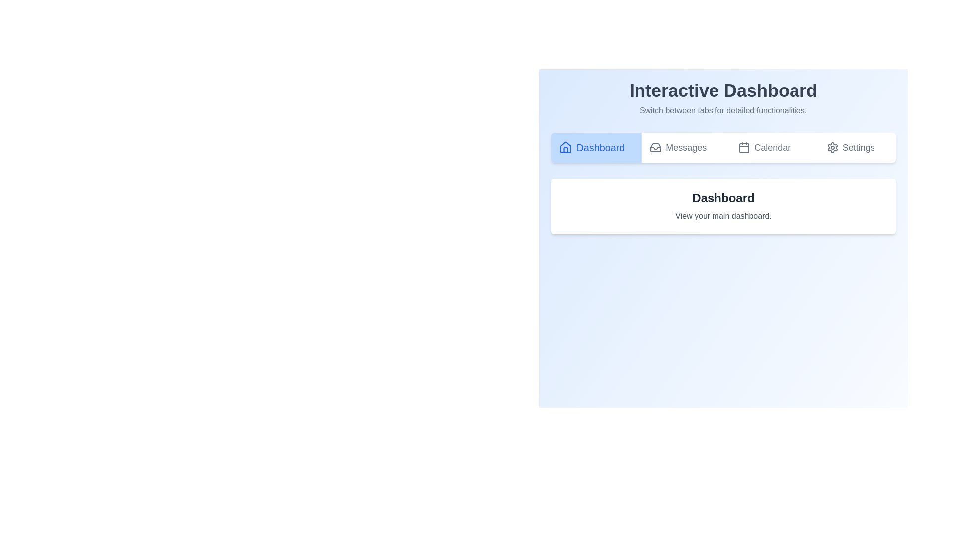 This screenshot has width=954, height=537. What do you see at coordinates (686, 148) in the screenshot?
I see `the 'Messages' label in the top navigation bar, located between the 'Calendar' tab and the 'Dashboard' tab` at bounding box center [686, 148].